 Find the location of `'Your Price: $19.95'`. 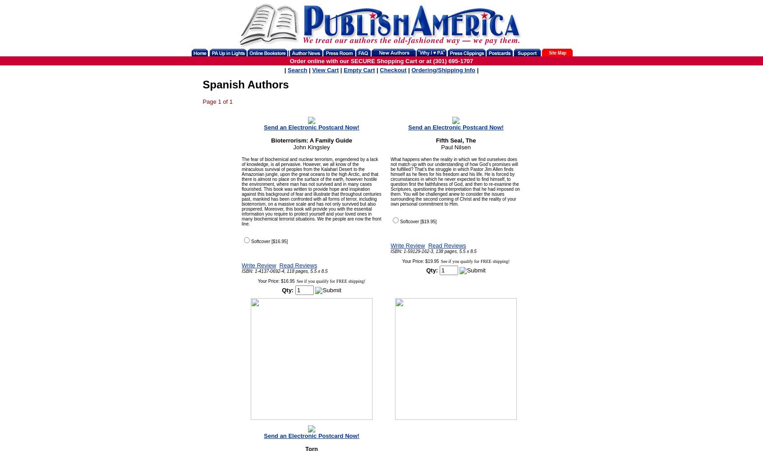

'Your Price: $19.95' is located at coordinates (420, 261).